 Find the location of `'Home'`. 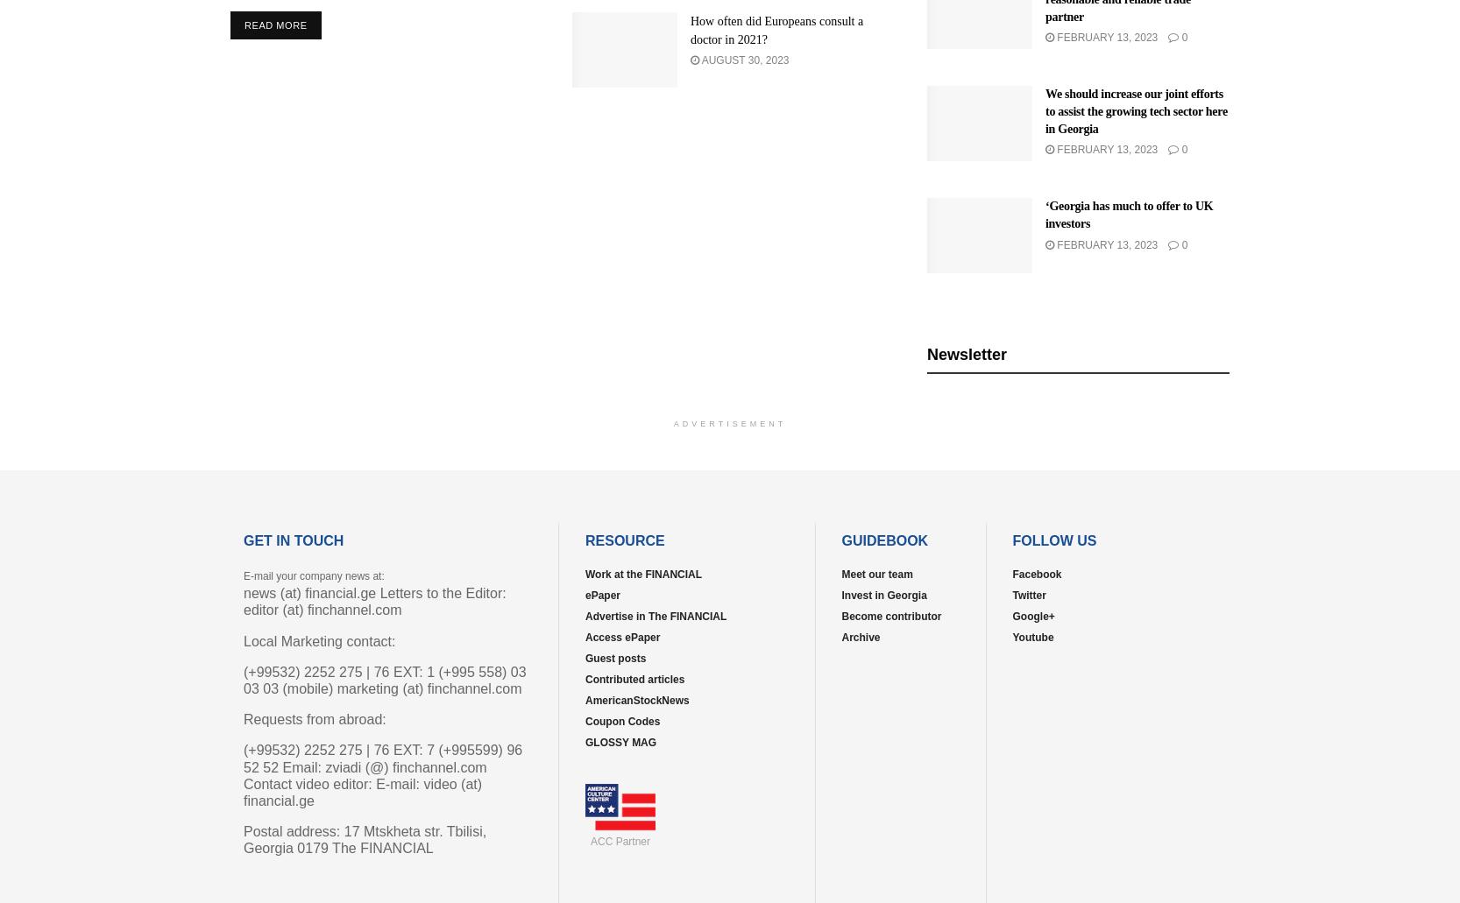

'Home' is located at coordinates (230, 542).